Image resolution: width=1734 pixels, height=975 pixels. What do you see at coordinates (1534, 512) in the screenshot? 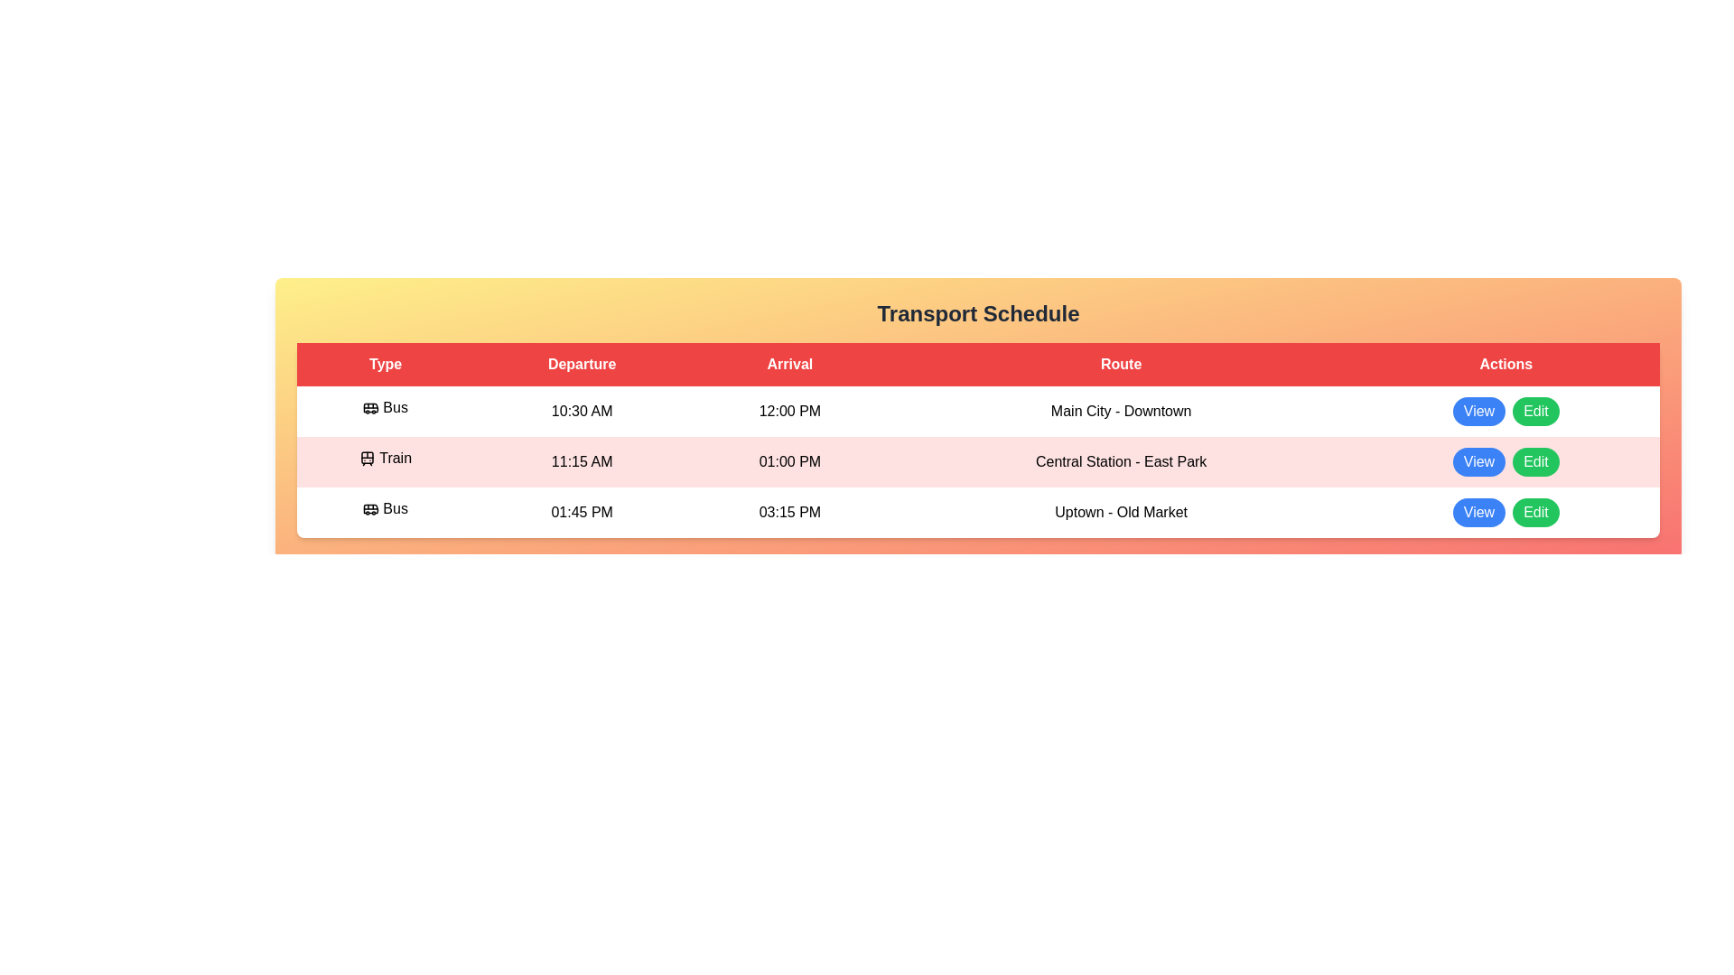
I see `'Edit' button for the row corresponding to Bus - Uptown - Old Market` at bounding box center [1534, 512].